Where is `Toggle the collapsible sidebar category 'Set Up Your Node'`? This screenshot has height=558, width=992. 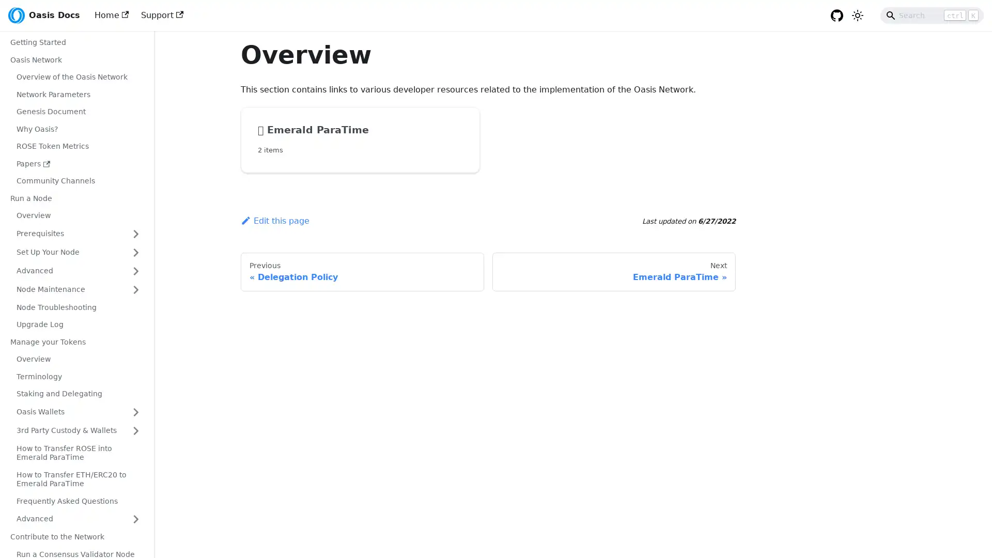
Toggle the collapsible sidebar category 'Set Up Your Node' is located at coordinates (135, 252).